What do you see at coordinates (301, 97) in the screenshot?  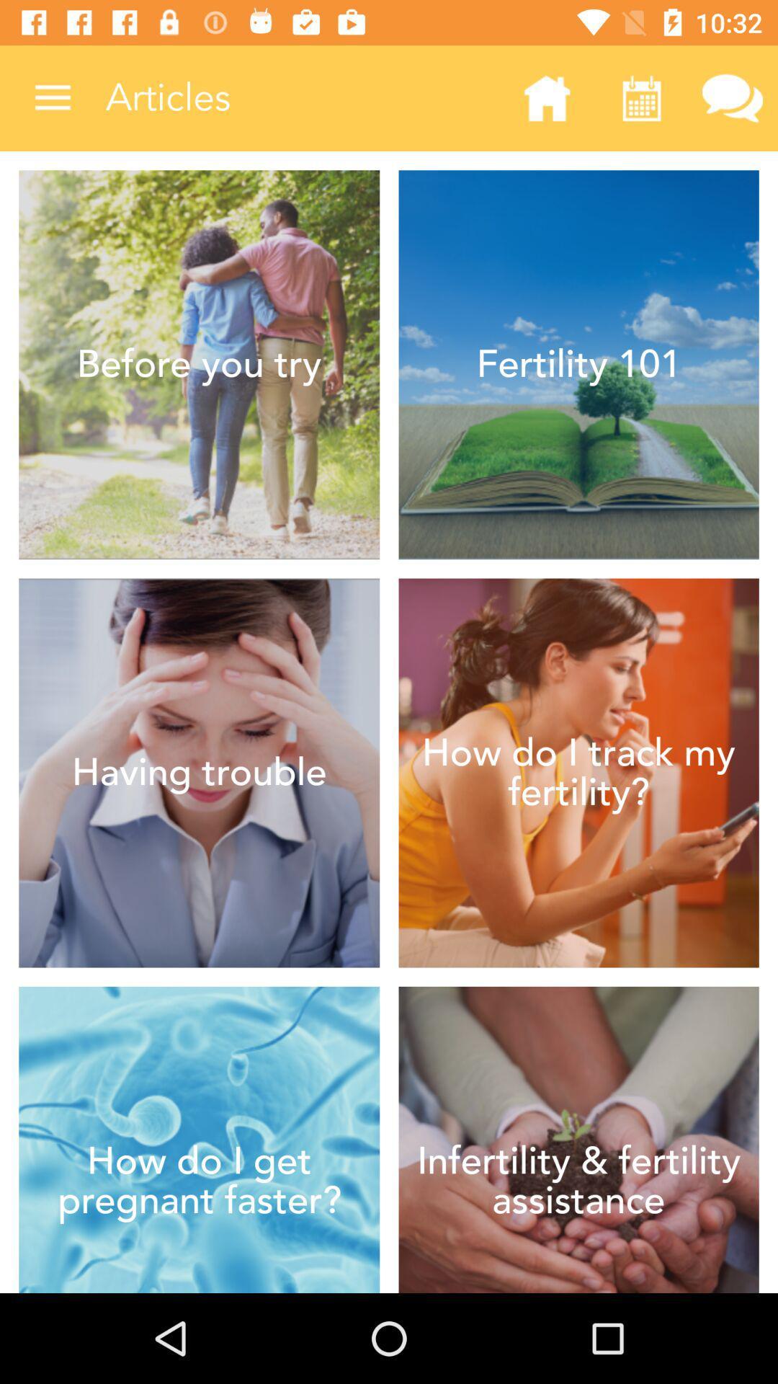 I see `the articles` at bounding box center [301, 97].